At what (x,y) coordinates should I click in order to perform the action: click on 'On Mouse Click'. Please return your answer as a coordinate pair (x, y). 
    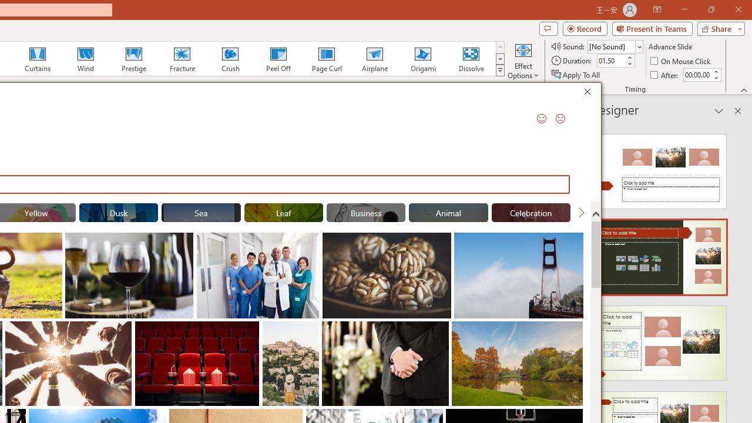
    Looking at the image, I should click on (681, 61).